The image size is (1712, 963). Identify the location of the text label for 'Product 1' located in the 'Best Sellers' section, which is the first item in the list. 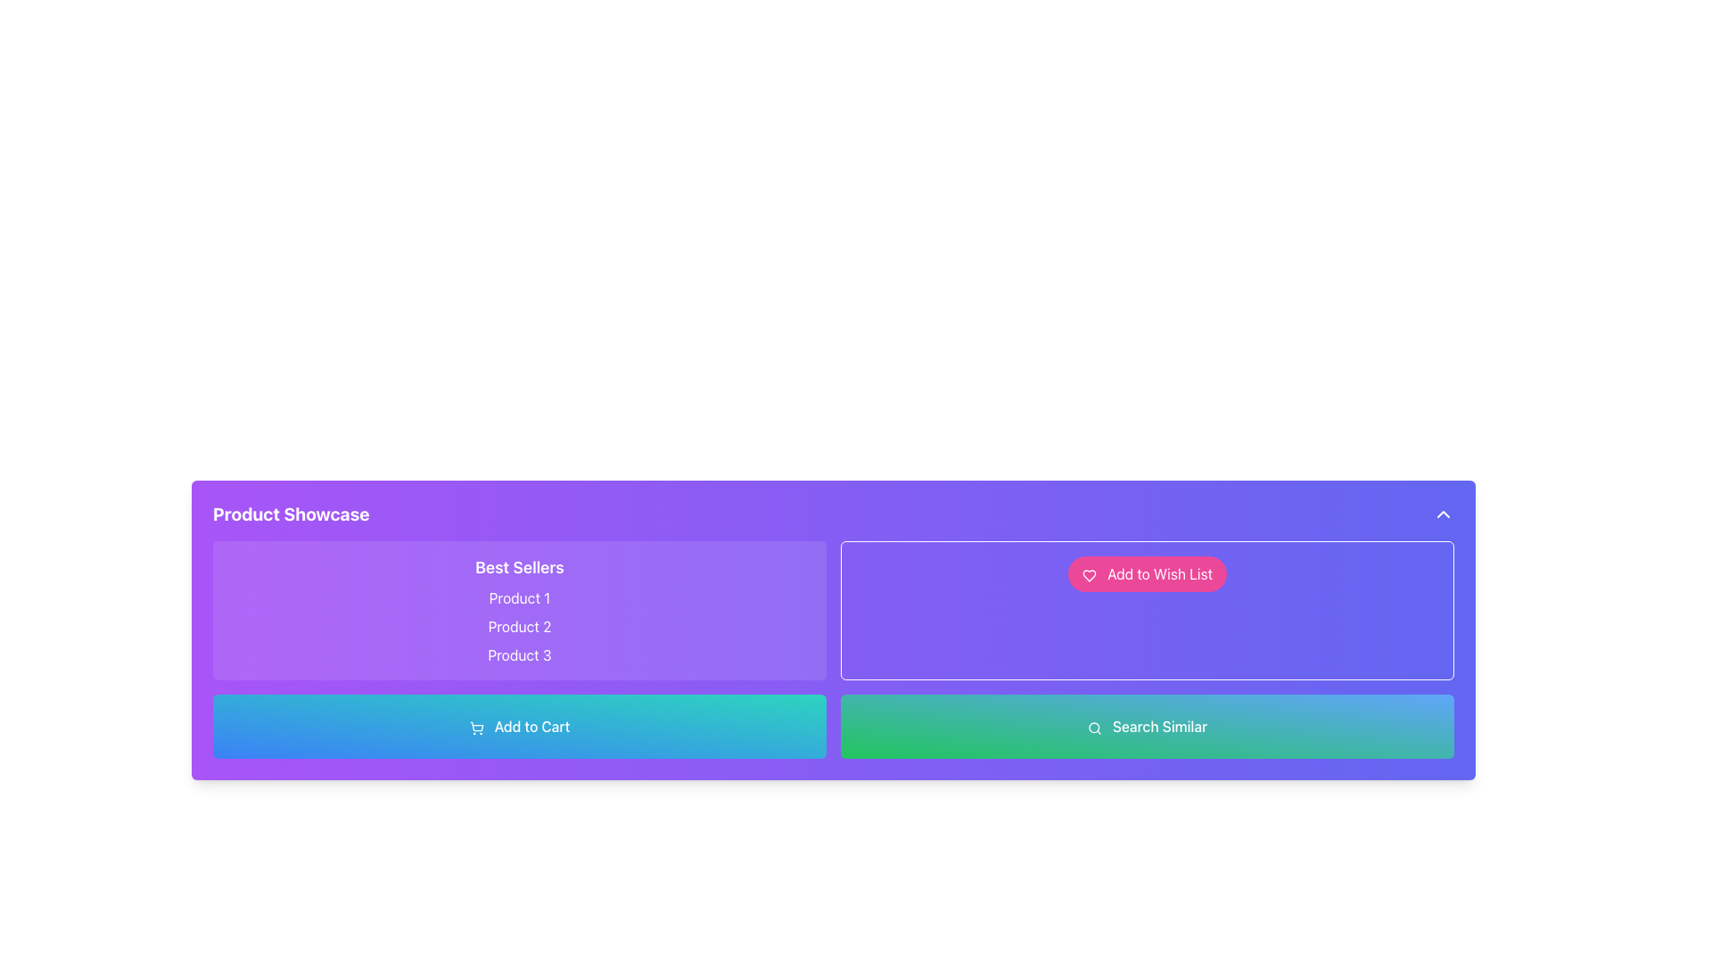
(518, 598).